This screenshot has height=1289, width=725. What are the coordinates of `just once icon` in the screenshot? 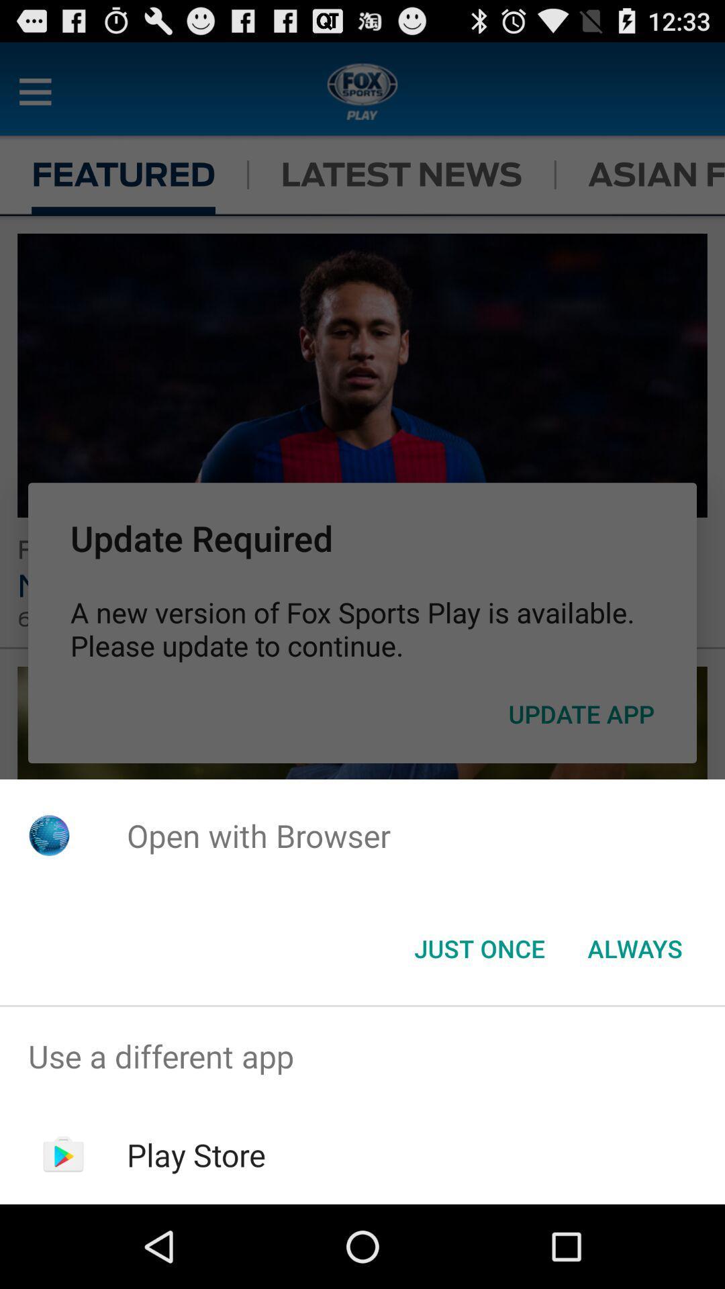 It's located at (479, 947).